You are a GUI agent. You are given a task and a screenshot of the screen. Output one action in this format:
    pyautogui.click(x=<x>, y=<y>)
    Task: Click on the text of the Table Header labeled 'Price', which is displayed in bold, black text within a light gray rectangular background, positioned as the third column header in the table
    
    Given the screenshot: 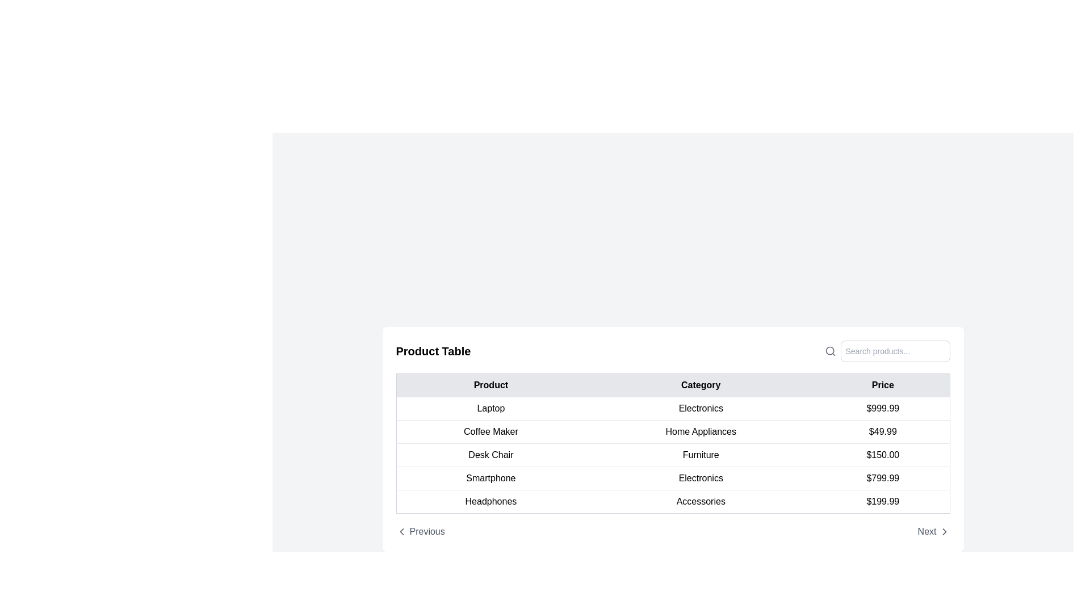 What is the action you would take?
    pyautogui.click(x=882, y=384)
    